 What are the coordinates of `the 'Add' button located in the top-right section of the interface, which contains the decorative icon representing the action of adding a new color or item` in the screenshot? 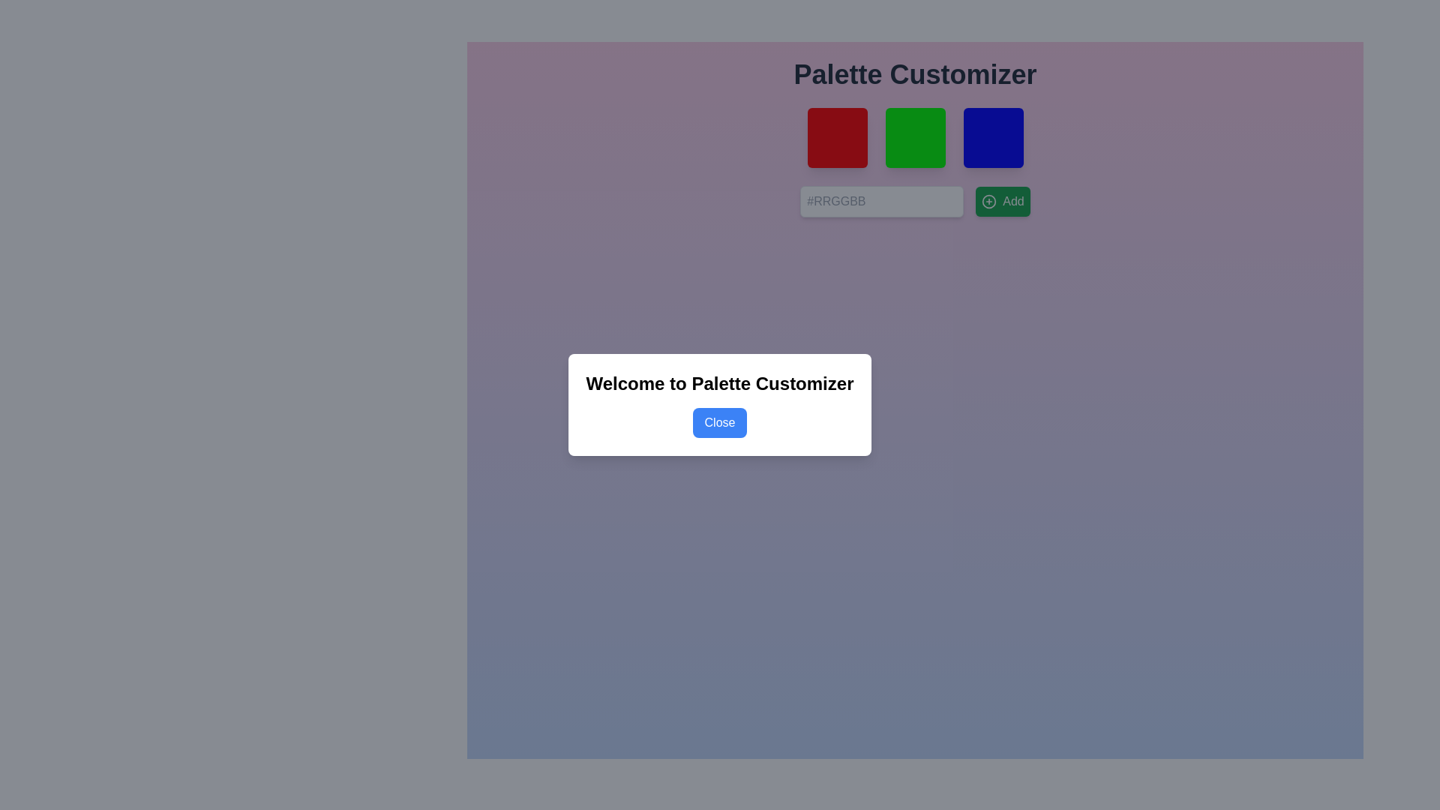 It's located at (989, 201).